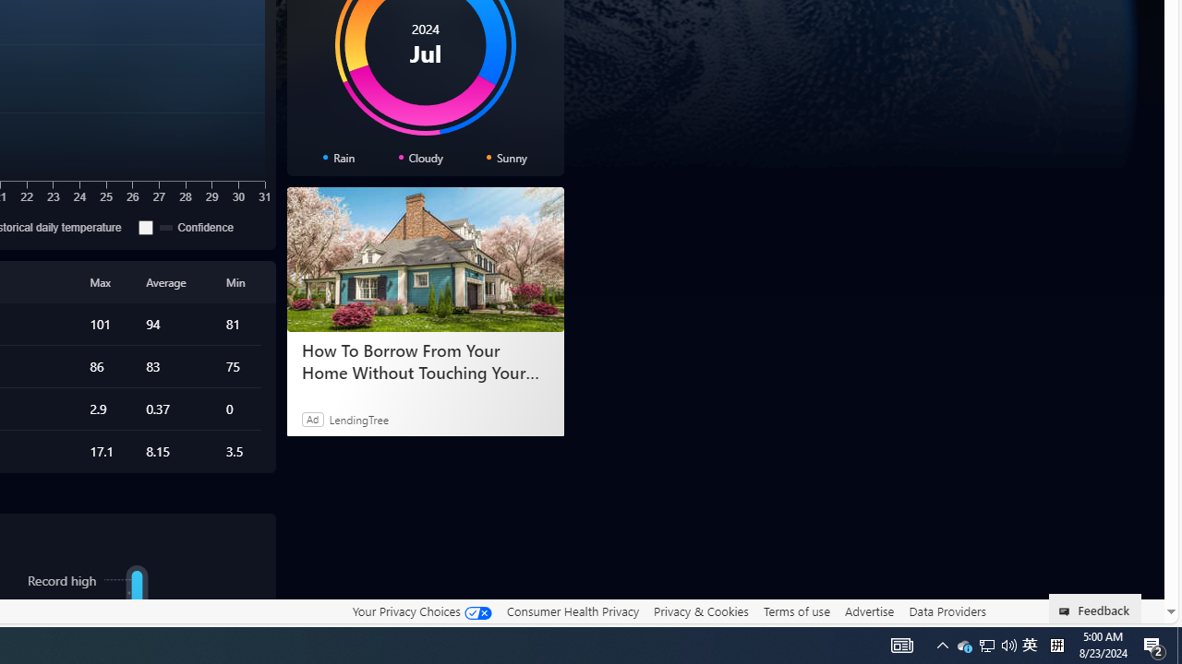 Image resolution: width=1182 pixels, height=664 pixels. I want to click on 'Consumer Health Privacy', so click(572, 611).